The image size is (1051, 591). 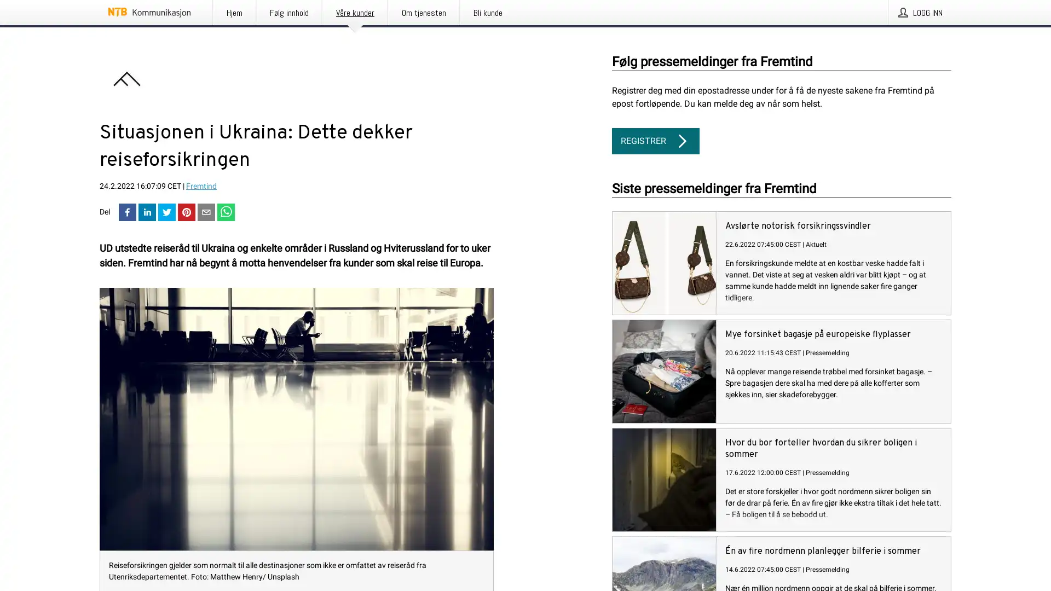 What do you see at coordinates (225, 213) in the screenshot?
I see `whatsapp` at bounding box center [225, 213].